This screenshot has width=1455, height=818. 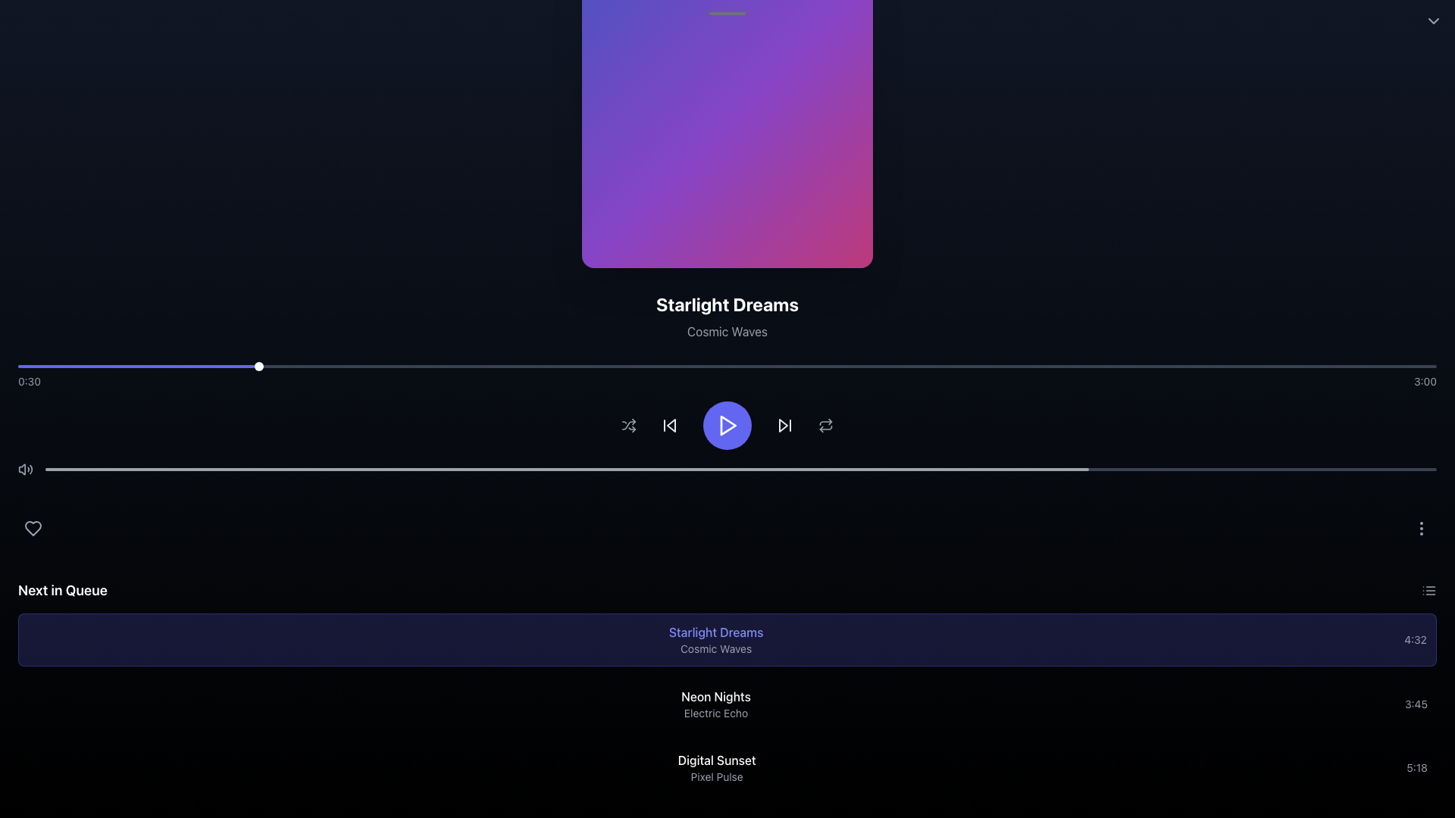 What do you see at coordinates (1032, 469) in the screenshot?
I see `the playback progress` at bounding box center [1032, 469].